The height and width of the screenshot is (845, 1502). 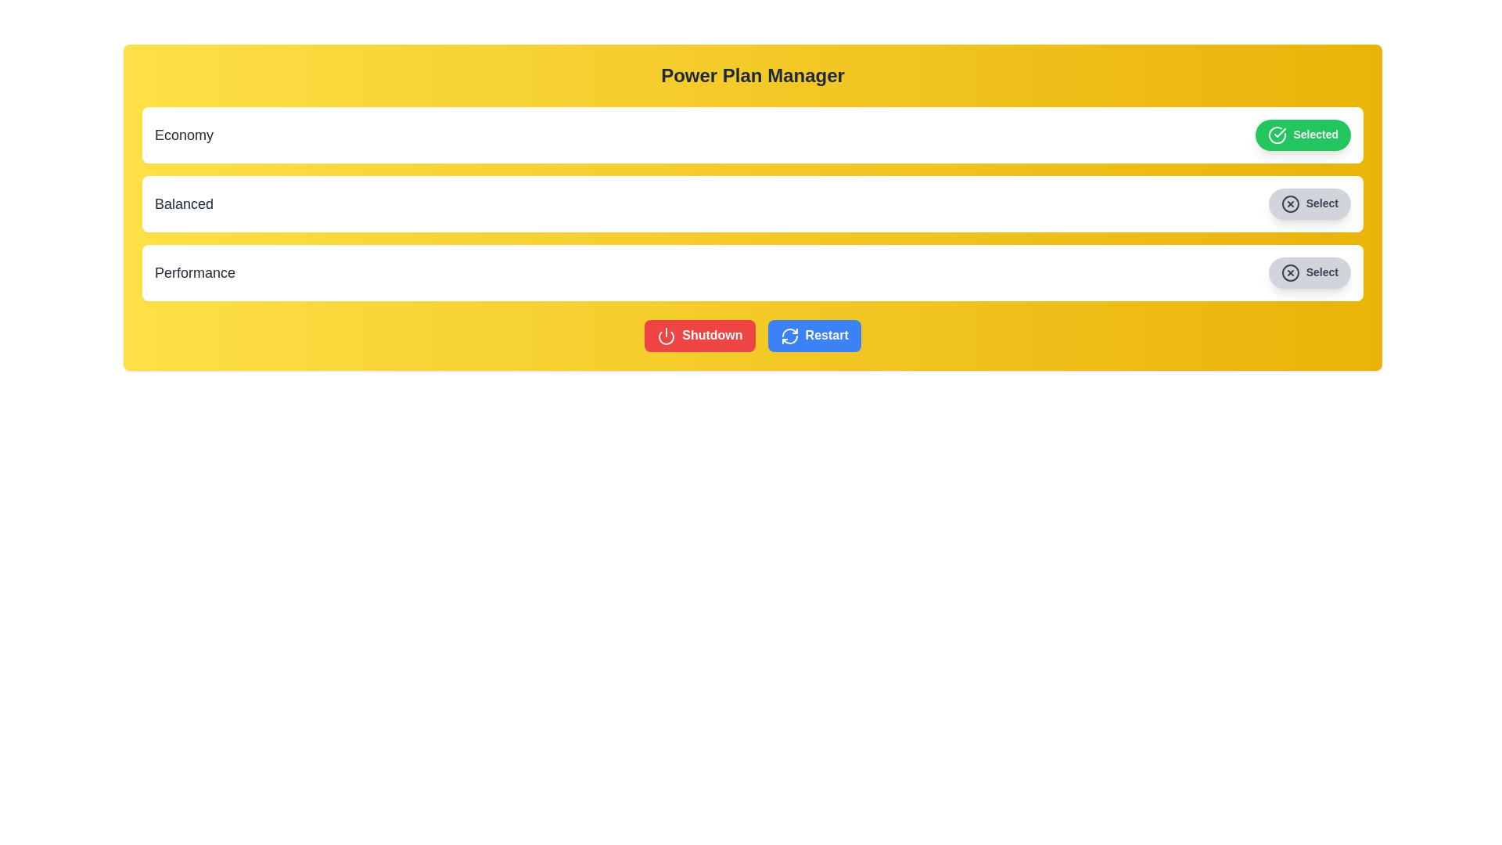 I want to click on the power plan Economy by clicking the corresponding button, so click(x=1303, y=135).